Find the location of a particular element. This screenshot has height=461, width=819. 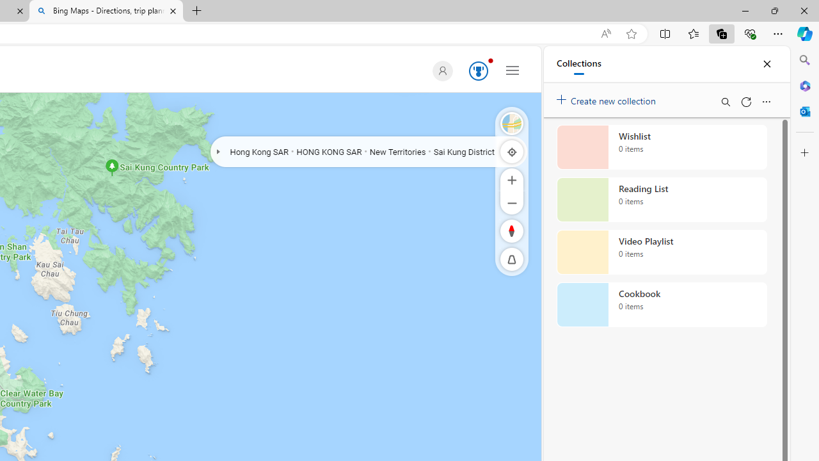

'Create new collection' is located at coordinates (608, 97).